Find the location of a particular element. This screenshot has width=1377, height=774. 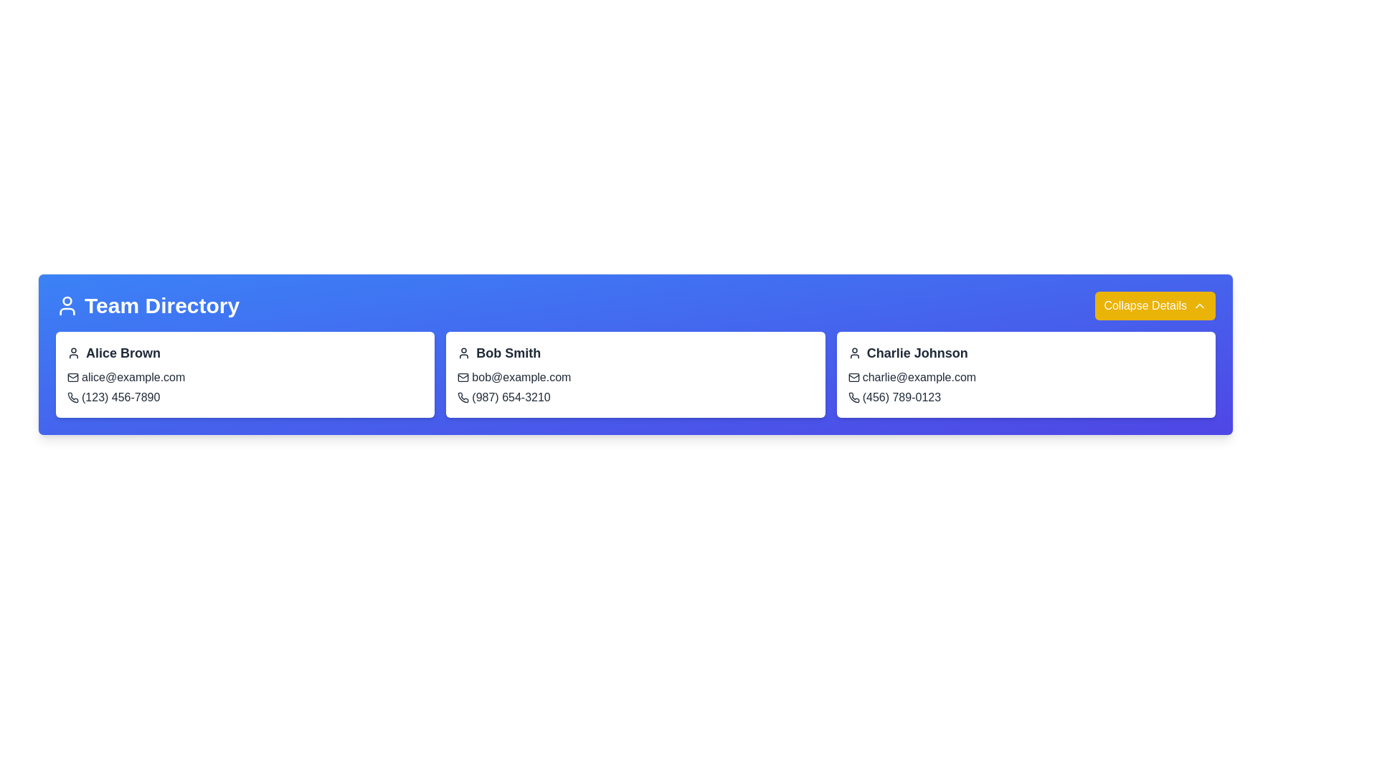

the Information card displaying contact details for Charlie Johnson, which includes their name, email, and phone number, located in the 'Team Directory' section is located at coordinates (1025, 374).